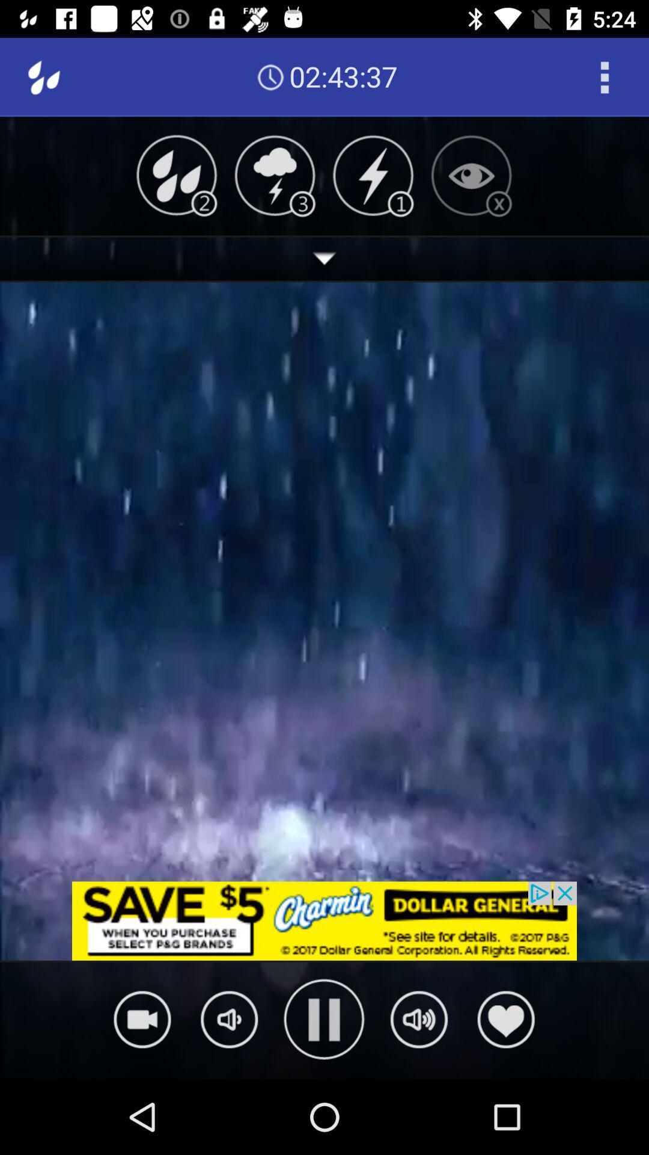  I want to click on icon next to the 02:43:36 icon, so click(605, 76).